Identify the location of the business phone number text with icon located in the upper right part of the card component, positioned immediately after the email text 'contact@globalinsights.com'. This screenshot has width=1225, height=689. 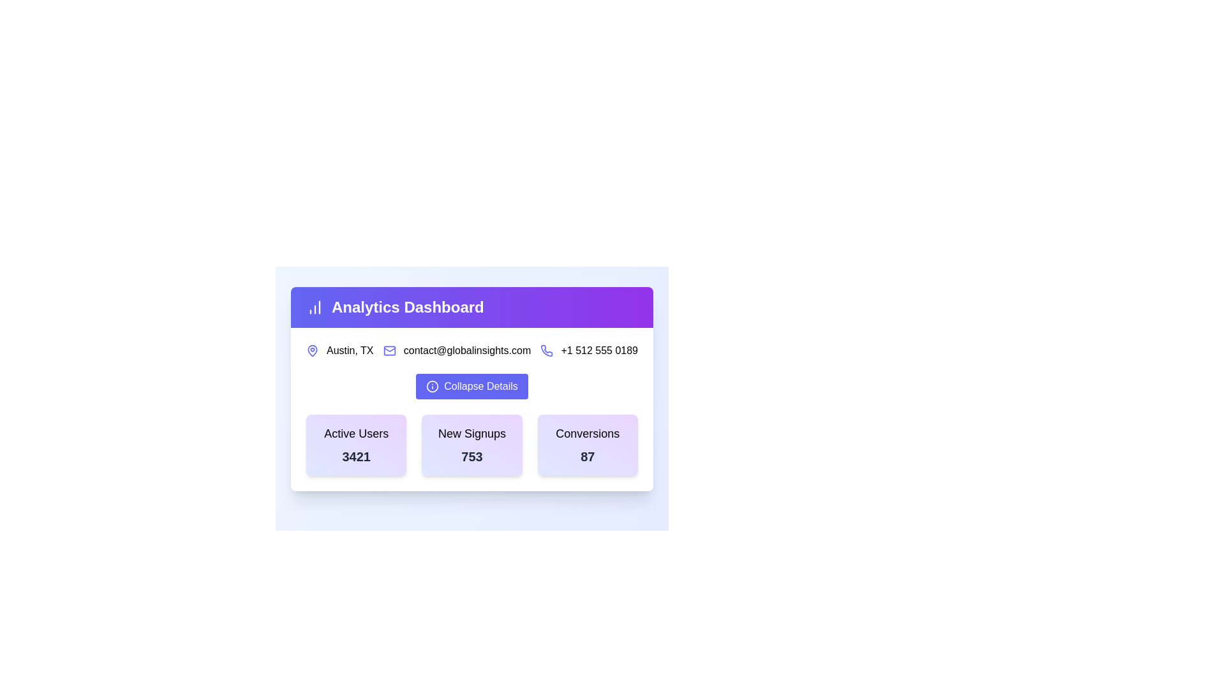
(588, 351).